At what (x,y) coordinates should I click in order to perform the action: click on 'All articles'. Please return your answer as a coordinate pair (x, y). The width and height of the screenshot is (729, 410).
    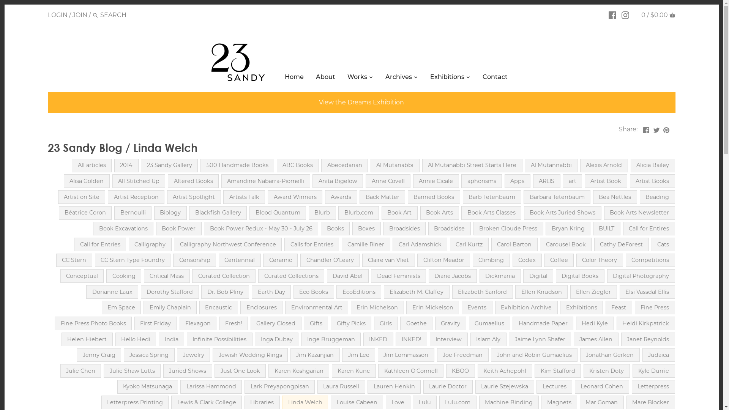
    Looking at the image, I should click on (91, 165).